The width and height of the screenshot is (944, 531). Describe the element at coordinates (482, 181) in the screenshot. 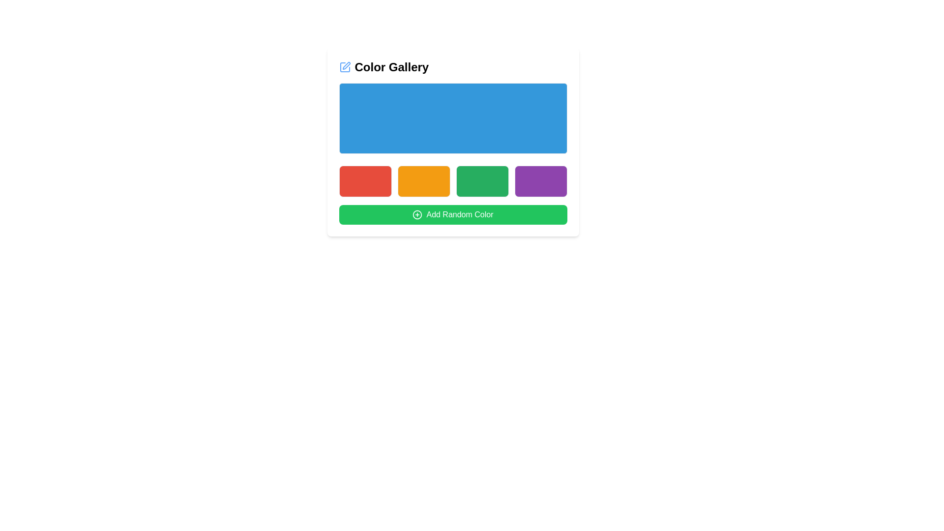

I see `the interactive button located in the grid layout, which is the third item, positioned between an orange box and a purple box at the lower central part of the grid` at that location.